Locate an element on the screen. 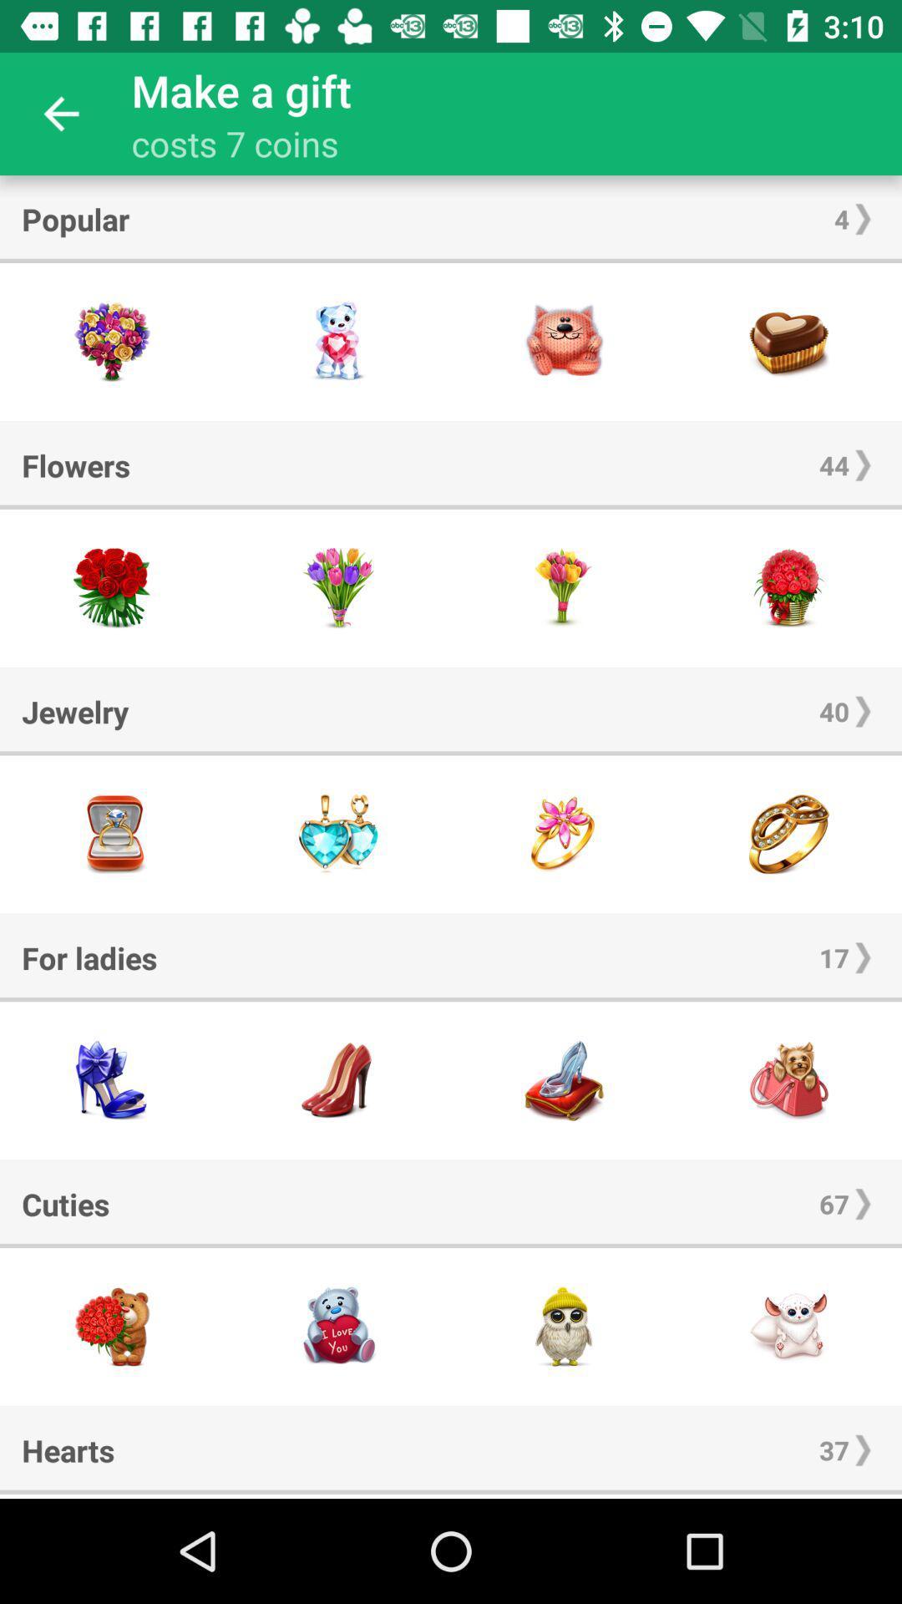 This screenshot has width=902, height=1604. this gift button is located at coordinates (338, 588).